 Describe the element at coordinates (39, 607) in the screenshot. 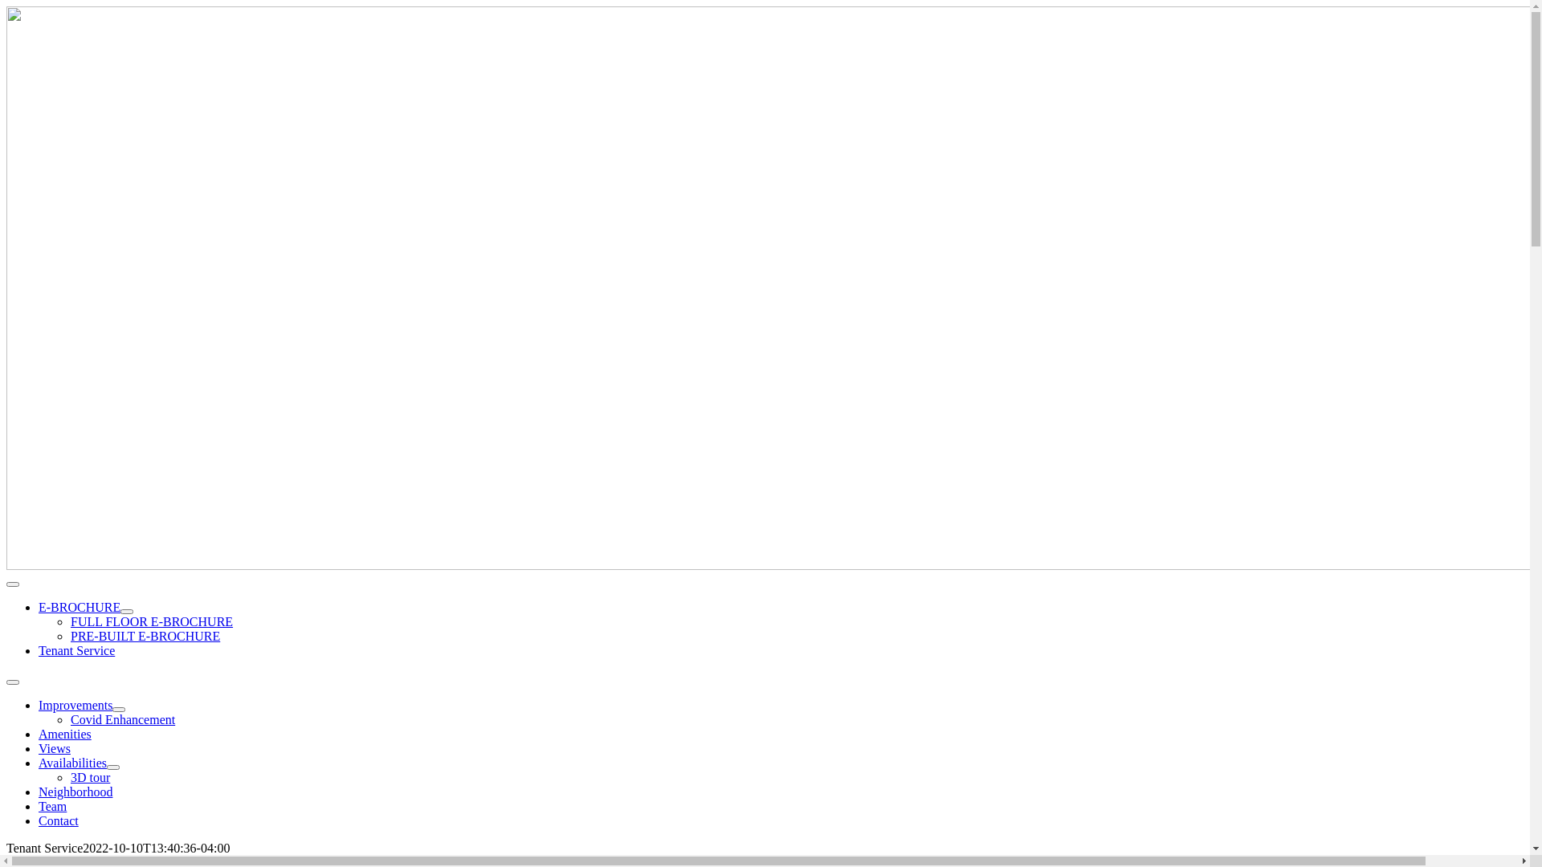

I see `'E-BROCHURE'` at that location.